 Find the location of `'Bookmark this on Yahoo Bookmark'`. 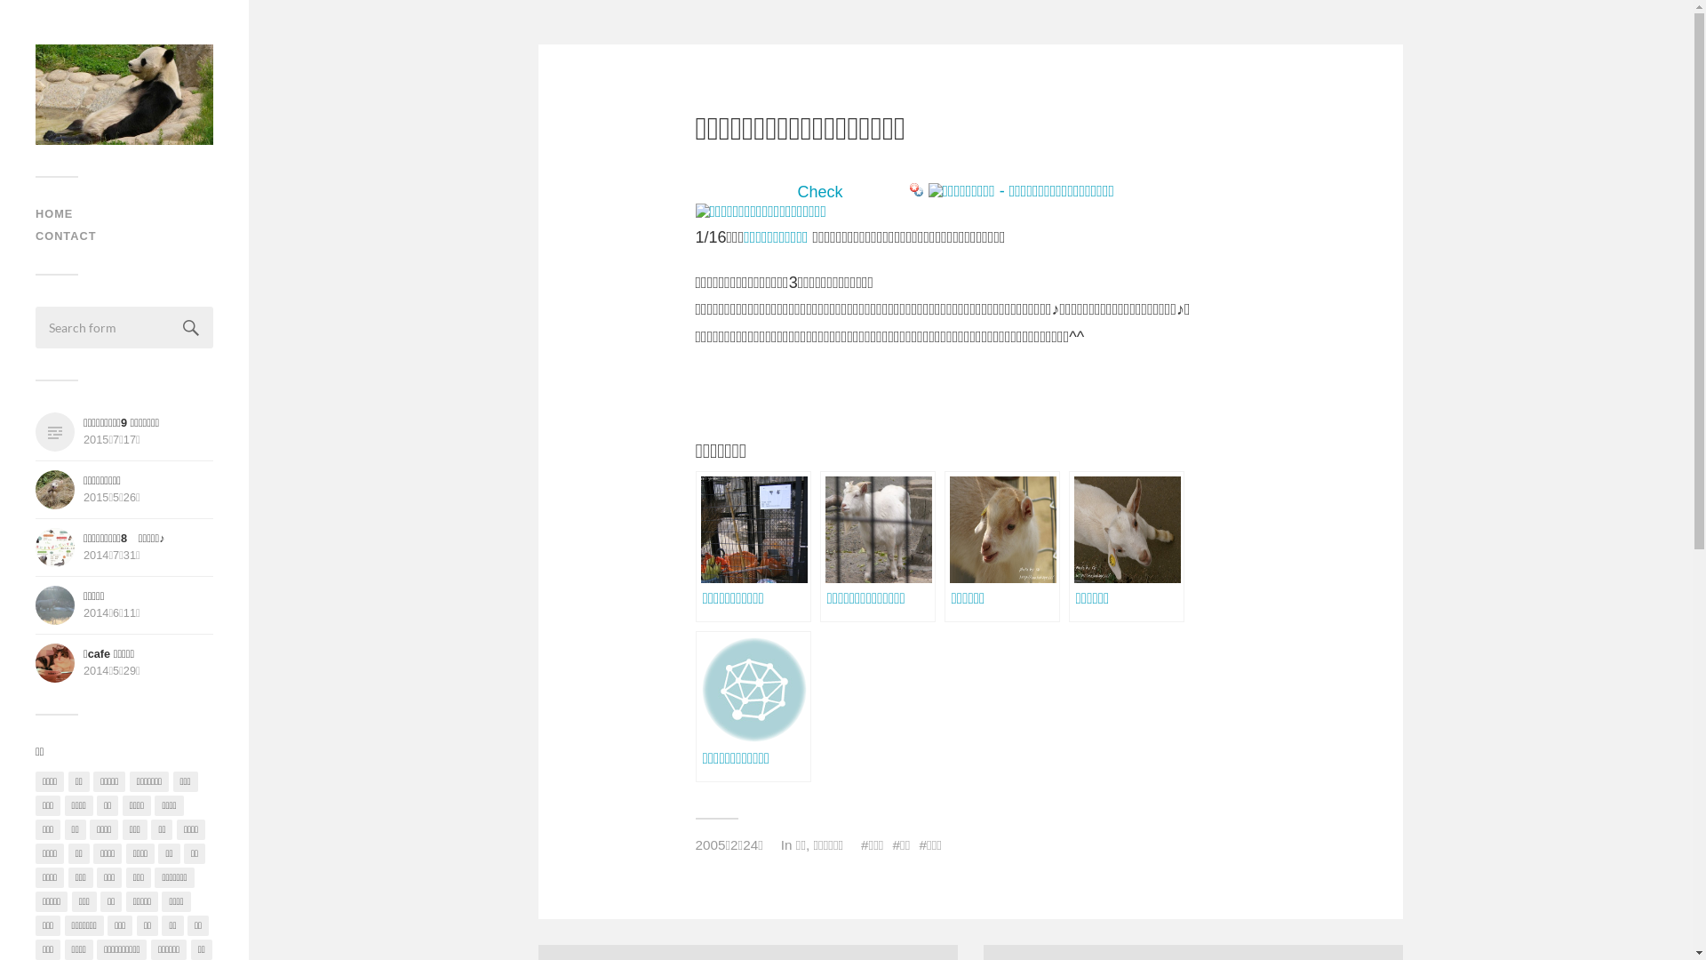

'Bookmark this on Yahoo Bookmark' is located at coordinates (917, 192).